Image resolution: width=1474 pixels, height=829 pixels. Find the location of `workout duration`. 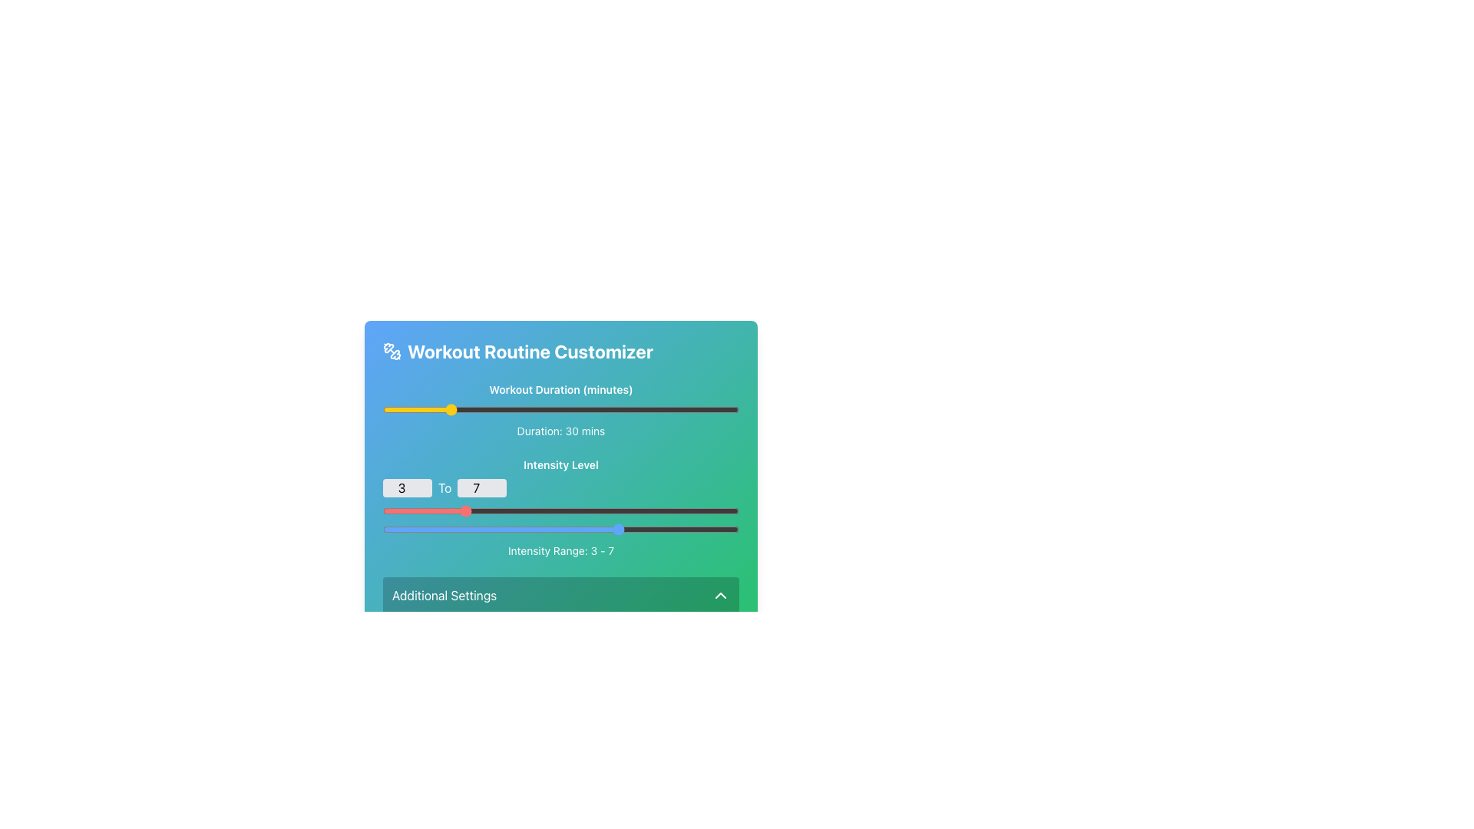

workout duration is located at coordinates (405, 408).